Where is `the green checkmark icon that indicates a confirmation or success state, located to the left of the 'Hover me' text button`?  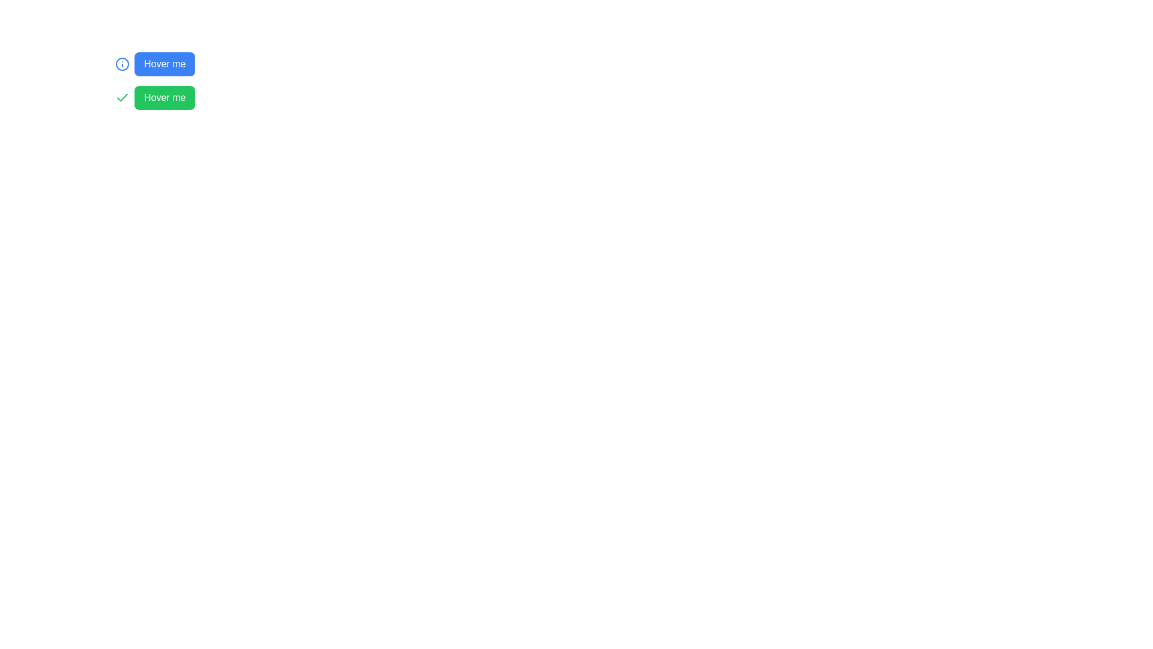
the green checkmark icon that indicates a confirmation or success state, located to the left of the 'Hover me' text button is located at coordinates (122, 97).